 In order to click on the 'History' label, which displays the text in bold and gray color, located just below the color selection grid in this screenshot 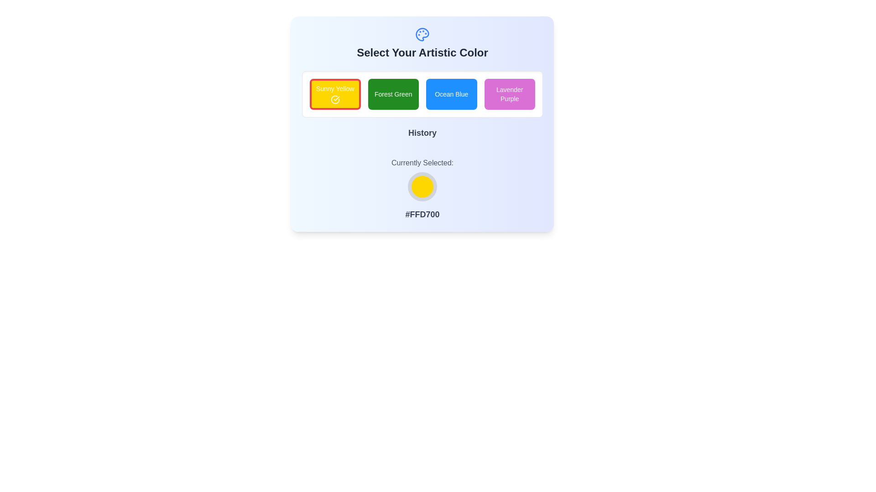, I will do `click(422, 135)`.